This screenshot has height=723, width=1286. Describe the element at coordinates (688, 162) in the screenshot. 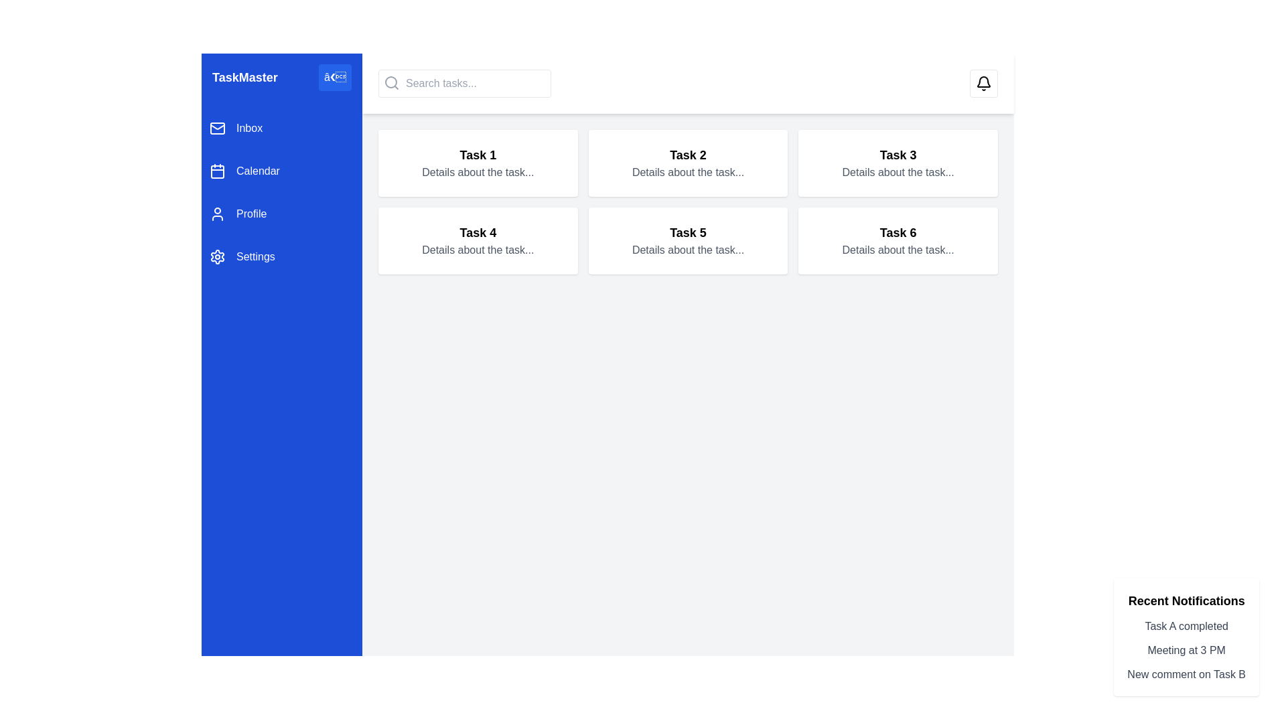

I see `the second card in the grid that represents 'Task 2'` at that location.